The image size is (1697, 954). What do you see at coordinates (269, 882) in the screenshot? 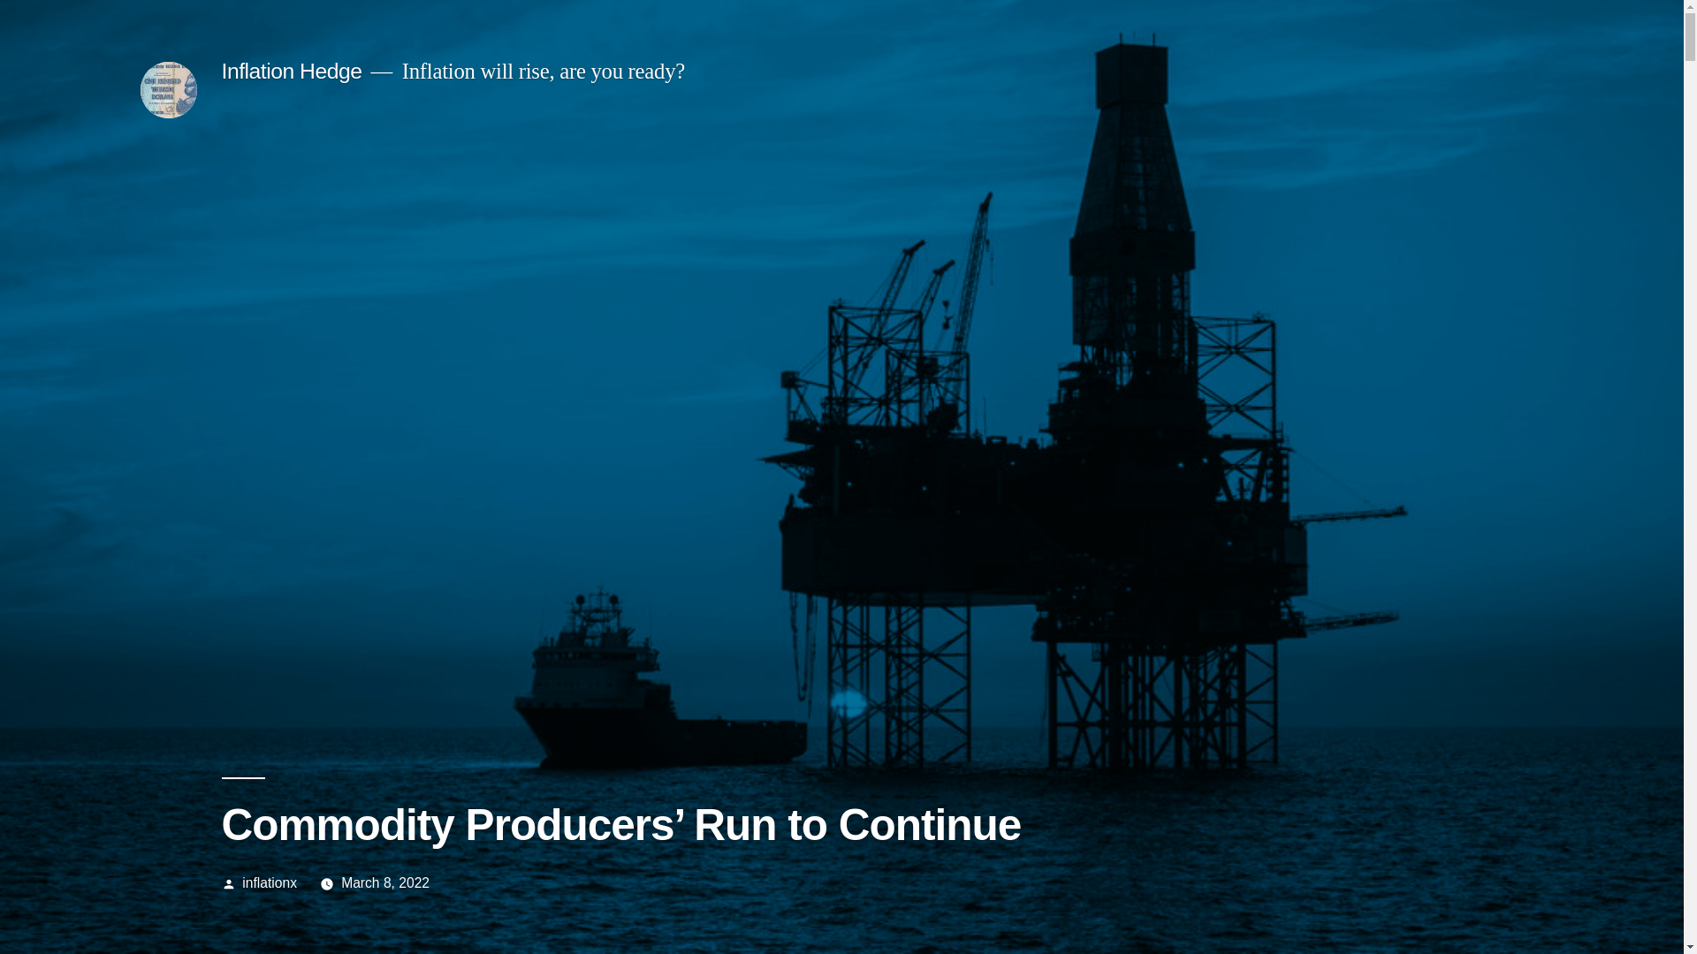
I see `'inflationx'` at bounding box center [269, 882].